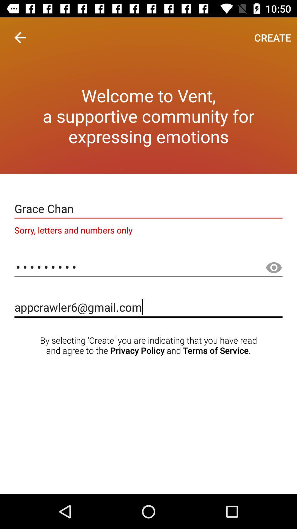  I want to click on show password, so click(274, 268).